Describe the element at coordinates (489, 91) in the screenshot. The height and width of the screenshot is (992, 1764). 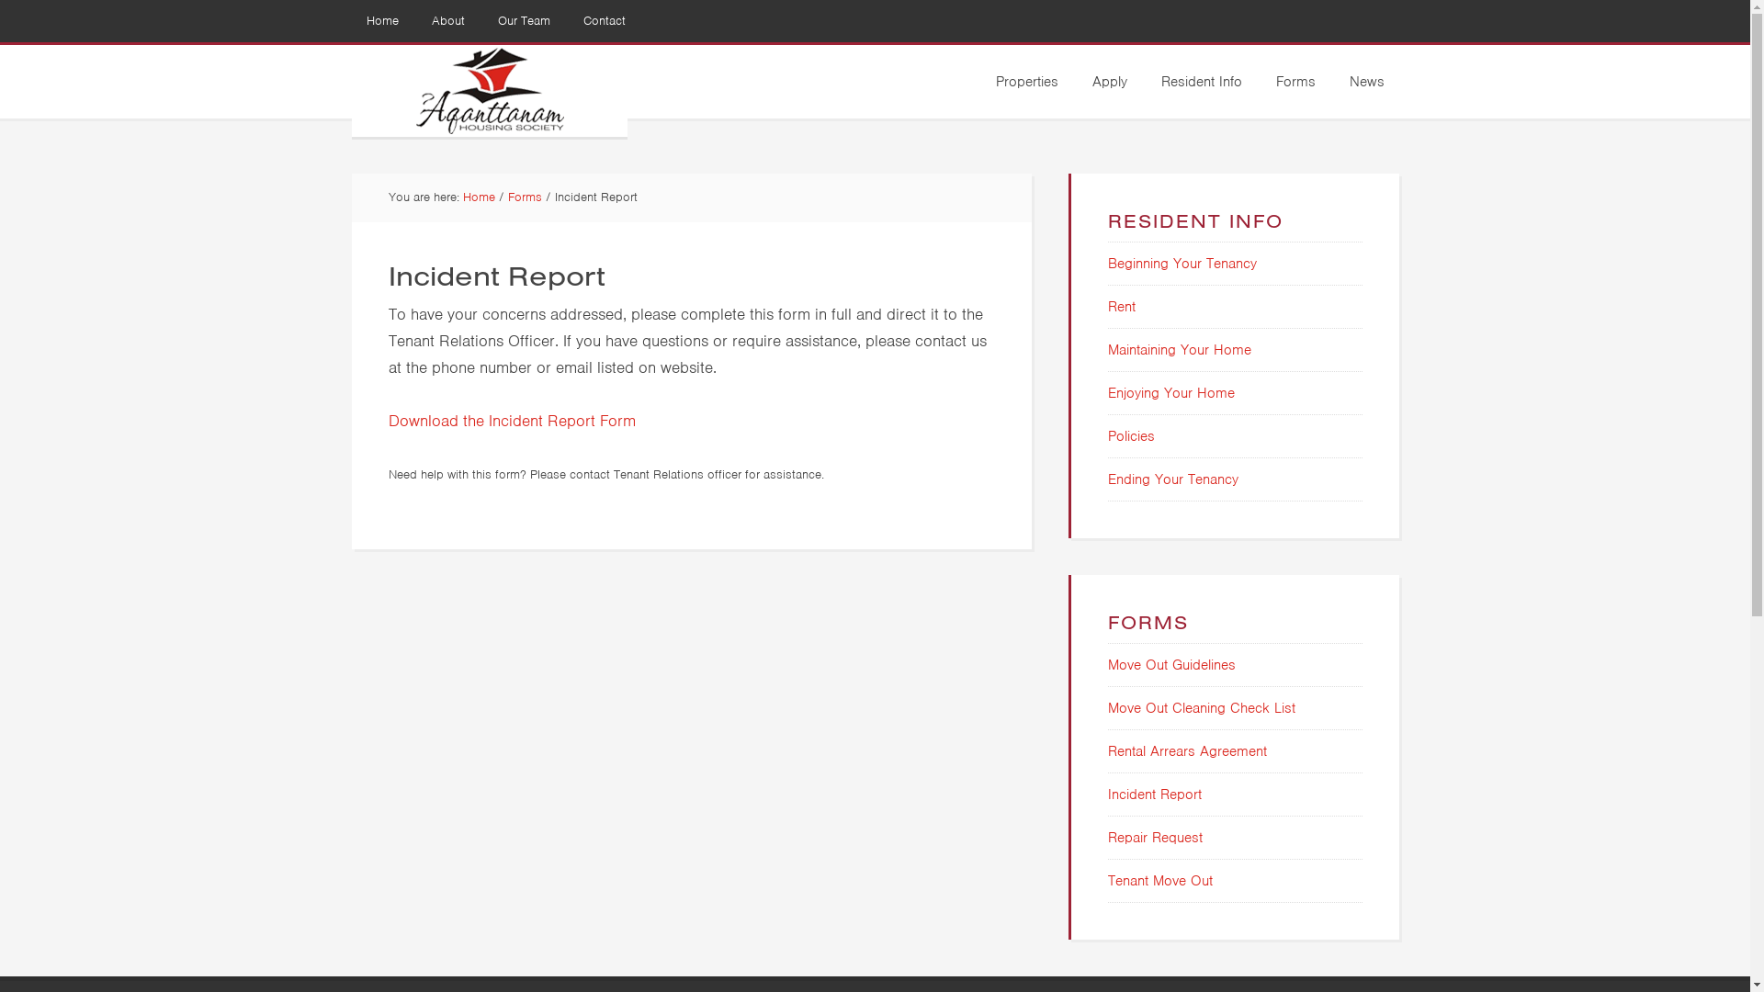
I see `'AQANTTANAM HOUSING SOCIETY'` at that location.